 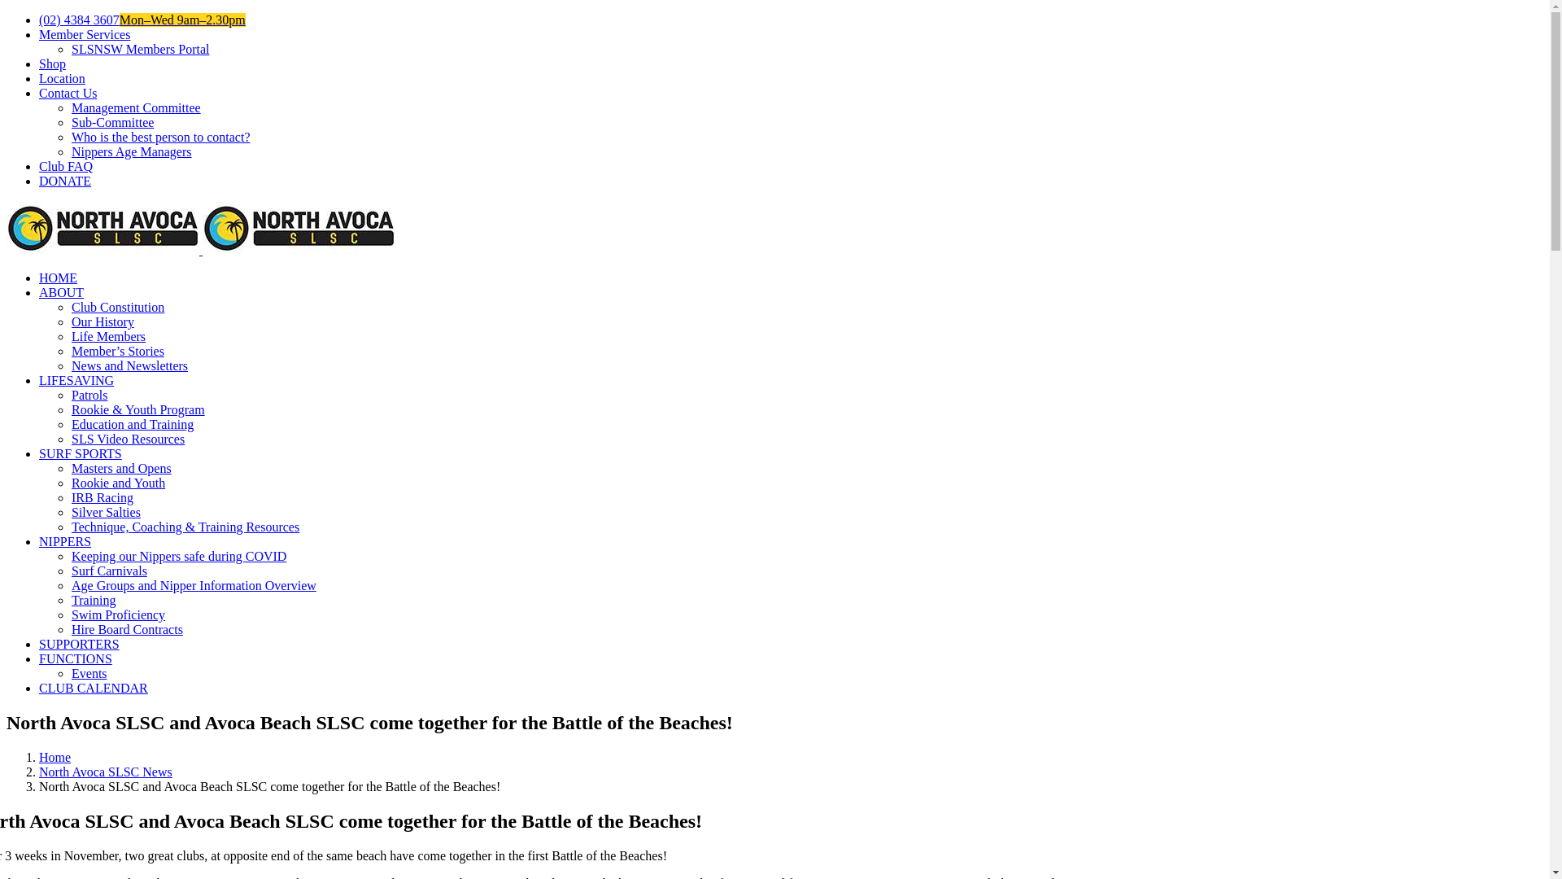 I want to click on 'Training', so click(x=93, y=600).